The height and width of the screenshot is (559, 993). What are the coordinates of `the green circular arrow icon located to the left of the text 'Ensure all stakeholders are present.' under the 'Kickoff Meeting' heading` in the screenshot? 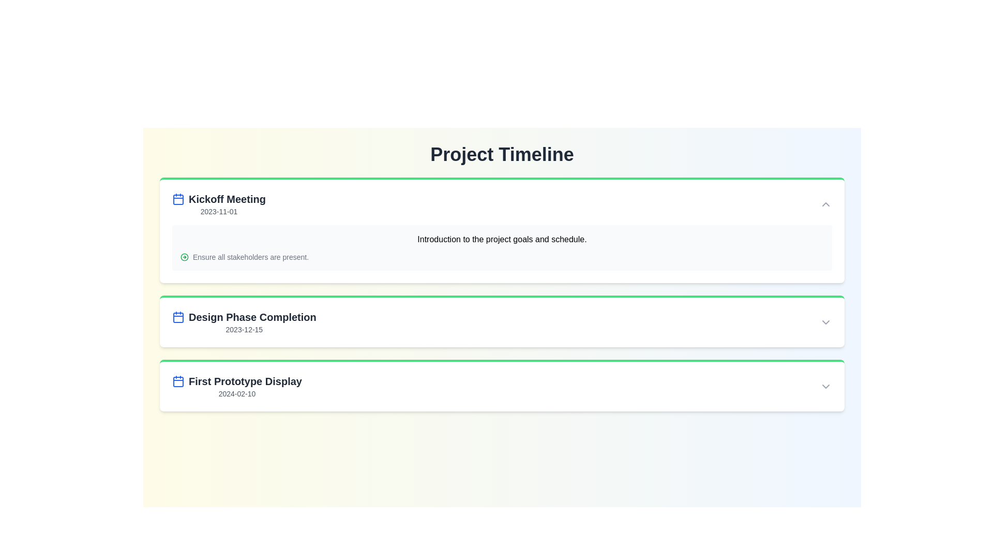 It's located at (184, 257).